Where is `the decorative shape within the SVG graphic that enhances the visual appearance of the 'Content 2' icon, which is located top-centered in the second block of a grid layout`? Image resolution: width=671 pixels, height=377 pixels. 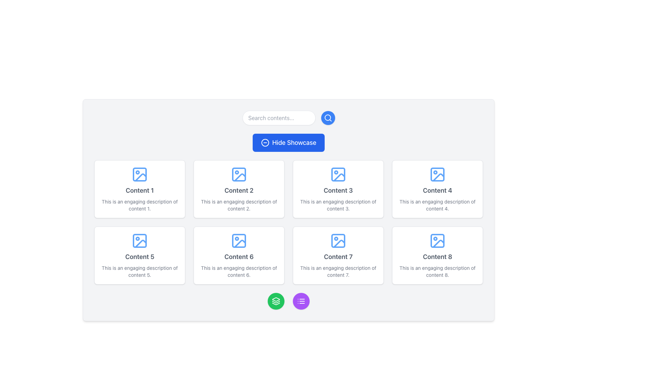 the decorative shape within the SVG graphic that enhances the visual appearance of the 'Content 2' icon, which is located top-centered in the second block of a grid layout is located at coordinates (239, 174).